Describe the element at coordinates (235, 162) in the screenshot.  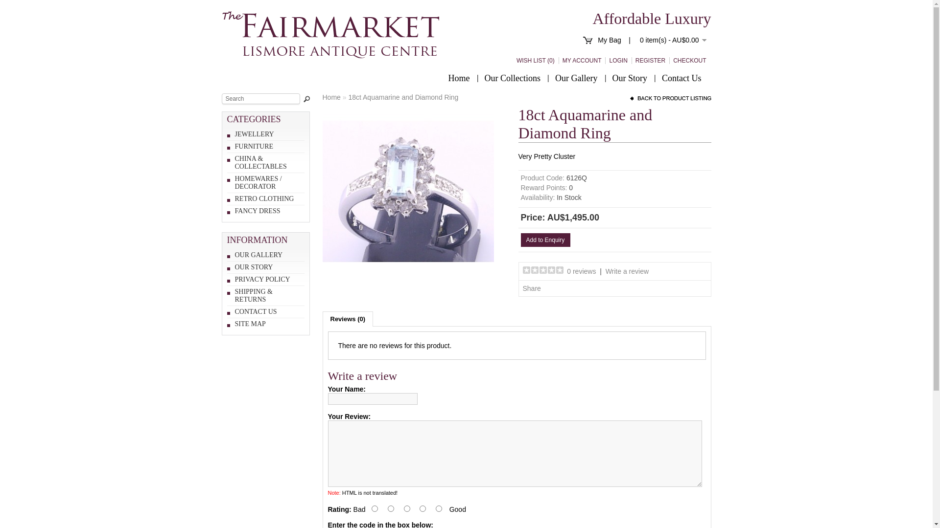
I see `'CHINA & COLLECTABLES'` at that location.